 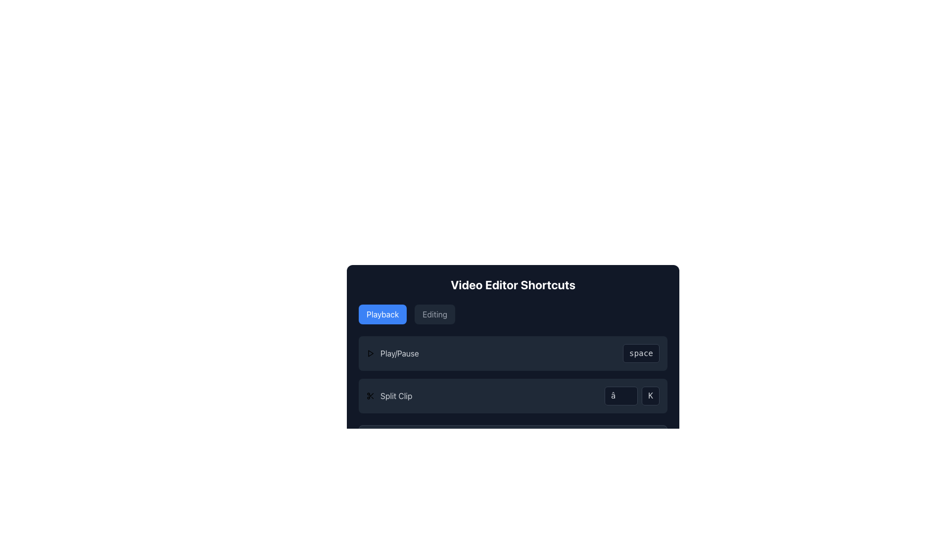 What do you see at coordinates (396, 396) in the screenshot?
I see `the text label 'Split Clip' which is part of the 'Video Editor Shortcuts' section, located near the scissors icon` at bounding box center [396, 396].